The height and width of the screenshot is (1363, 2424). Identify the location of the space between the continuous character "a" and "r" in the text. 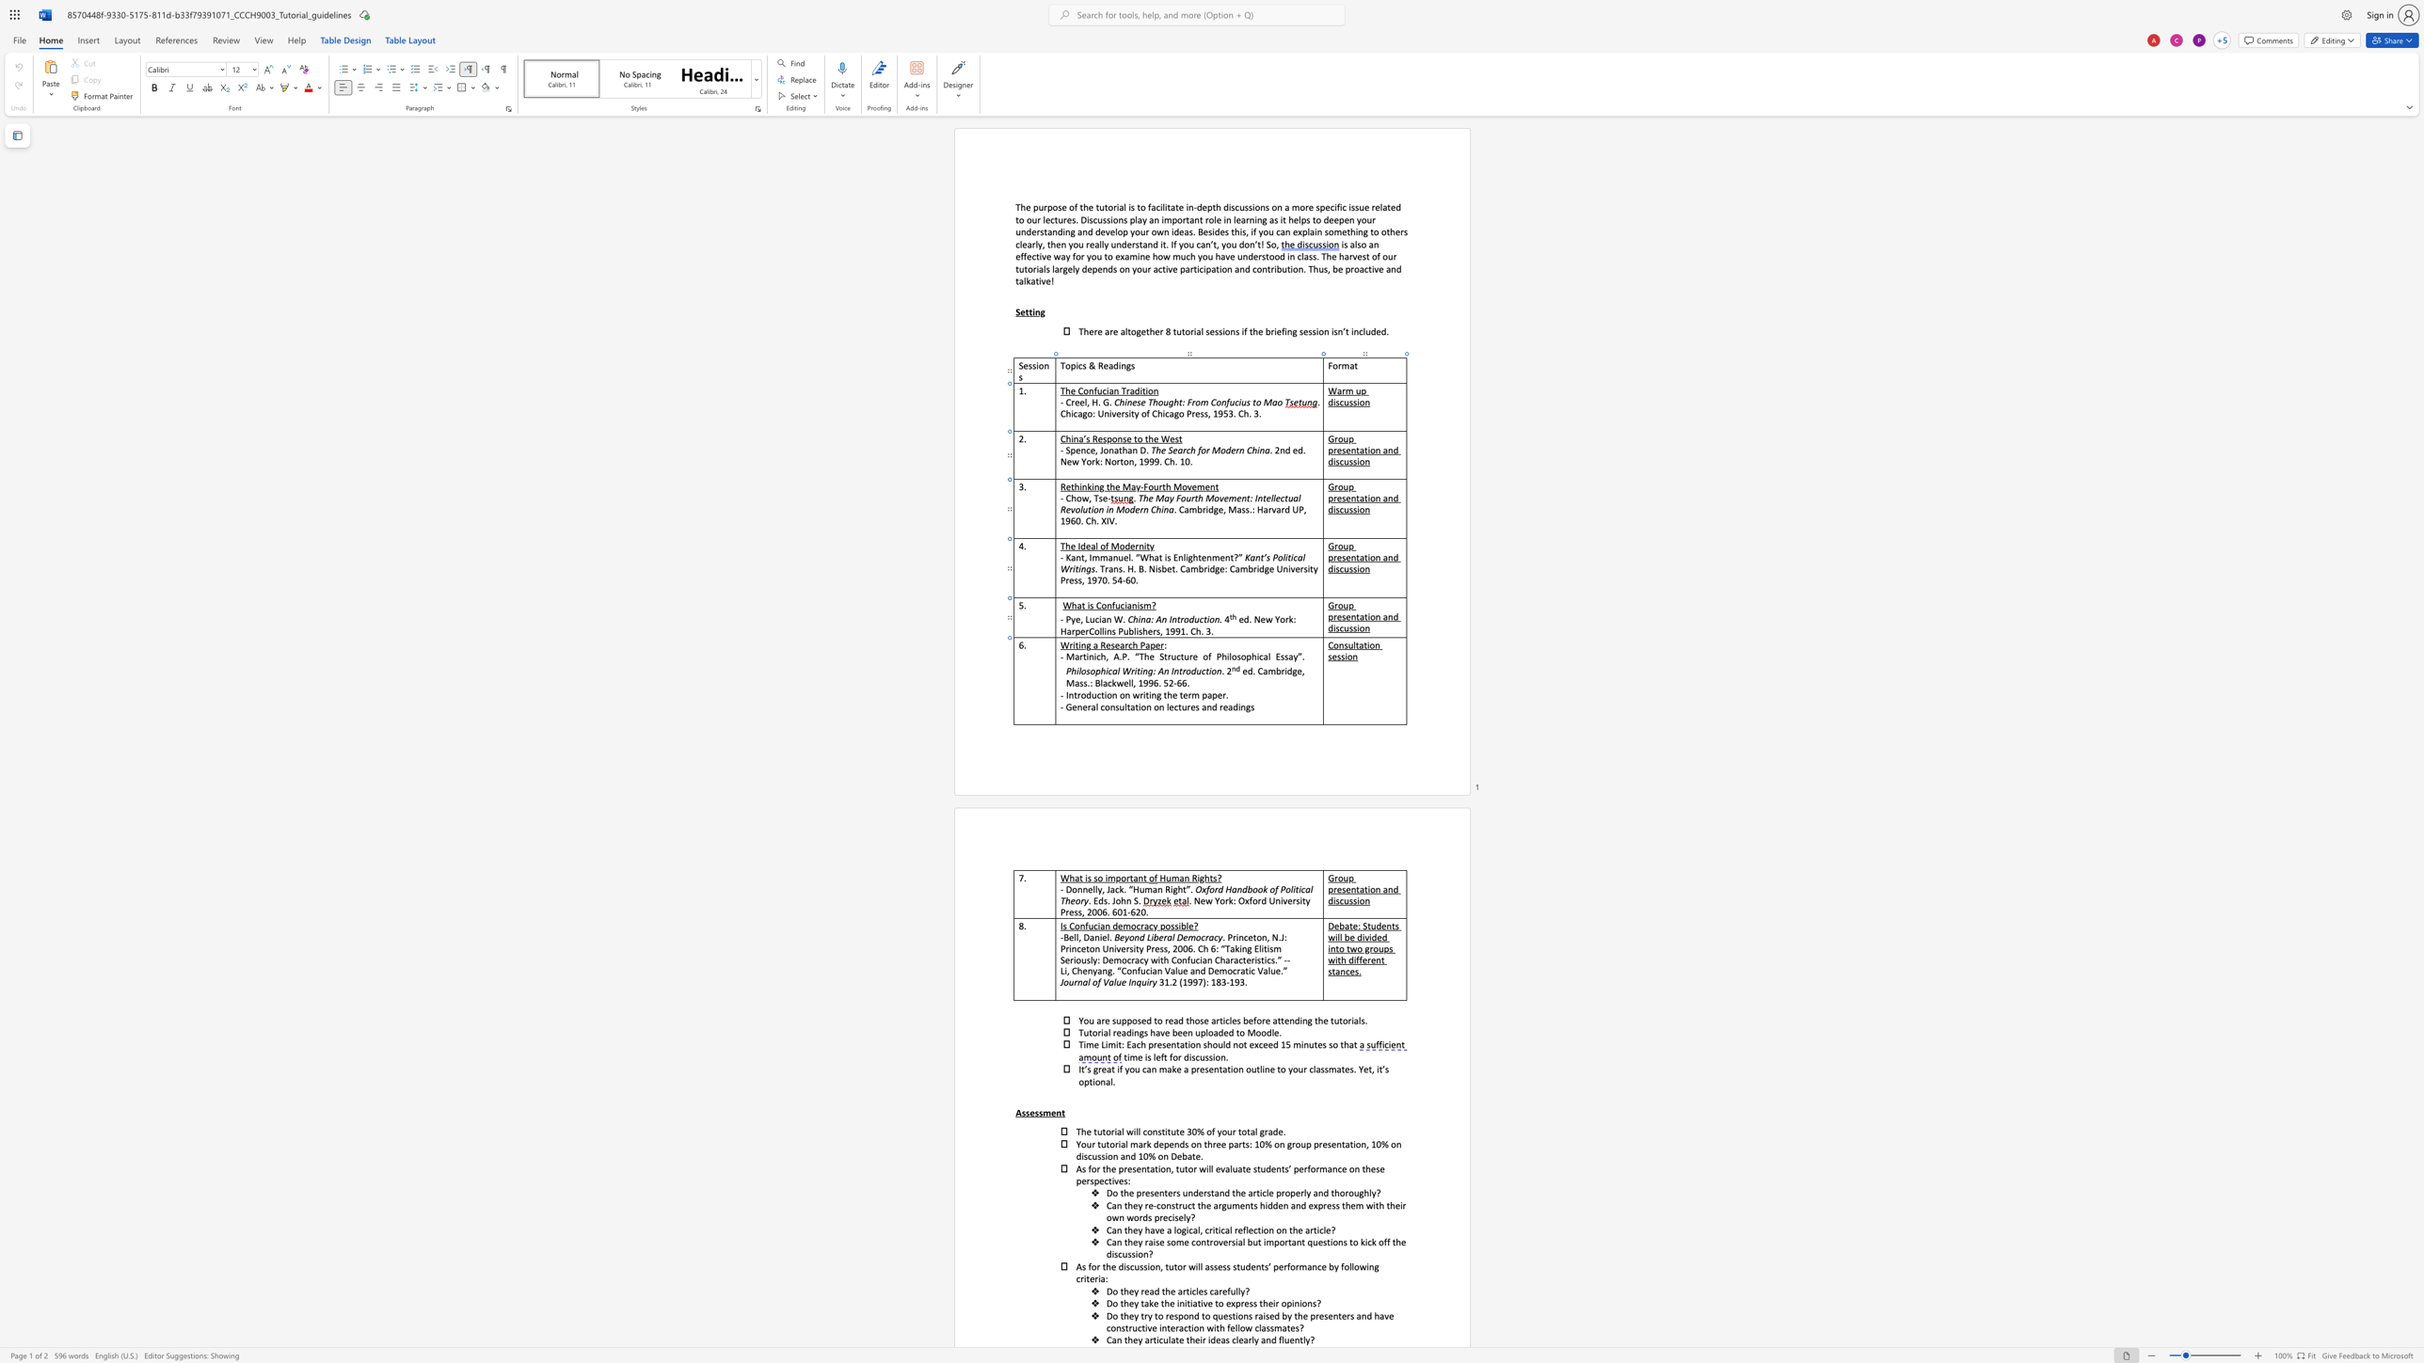
(1124, 644).